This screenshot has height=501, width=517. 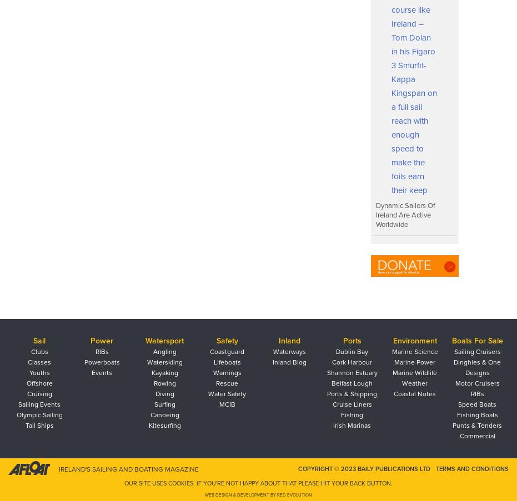 I want to click on 'Who is the Irish Sailing Performance head coach?', so click(x=224, y=151).